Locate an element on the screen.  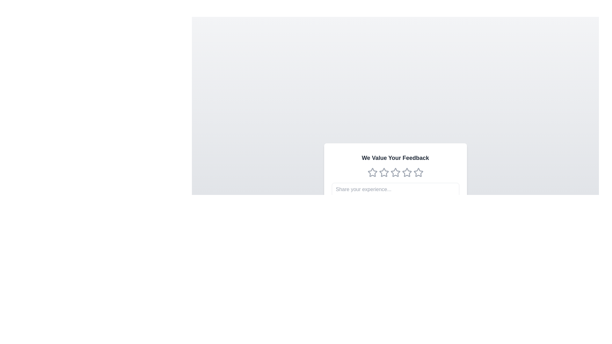
the rightmost Rating Star Icon in the sequence is located at coordinates (418, 173).